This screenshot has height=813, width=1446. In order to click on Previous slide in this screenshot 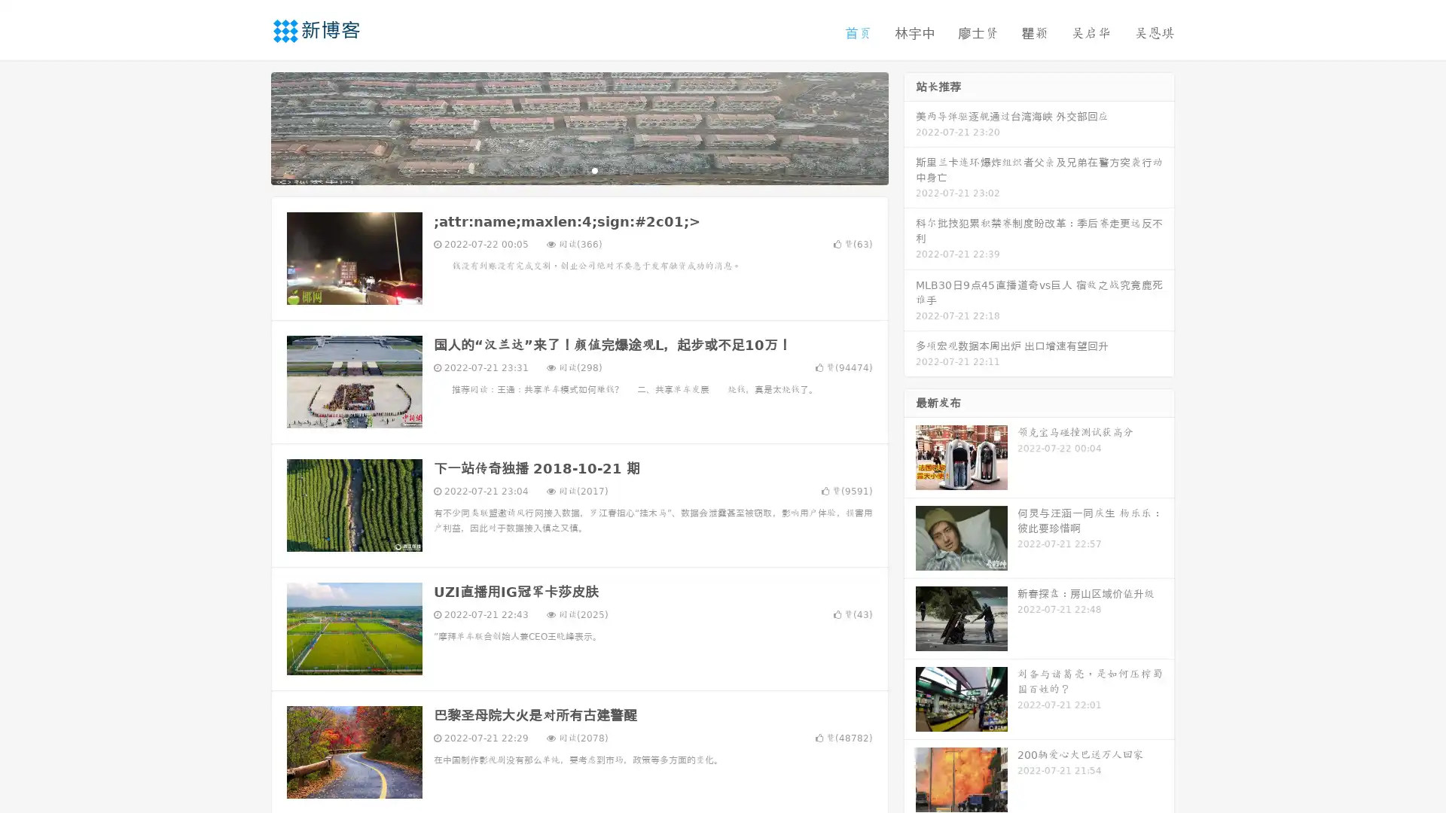, I will do `click(249, 126)`.